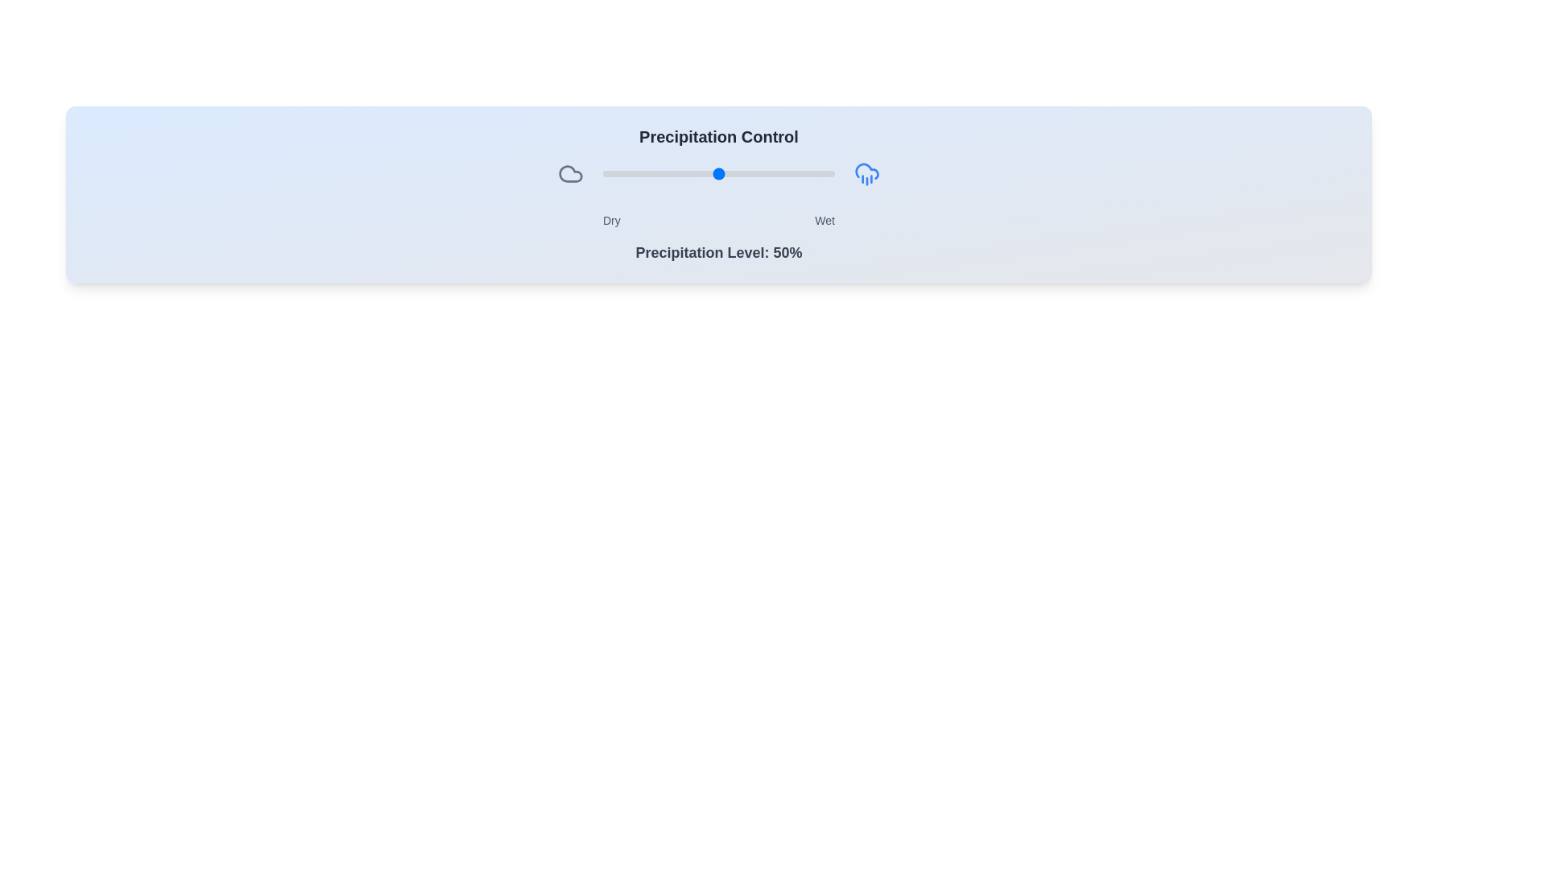 The image size is (1546, 870). What do you see at coordinates (604, 174) in the screenshot?
I see `the precipitation level to 1% by moving the slider` at bounding box center [604, 174].